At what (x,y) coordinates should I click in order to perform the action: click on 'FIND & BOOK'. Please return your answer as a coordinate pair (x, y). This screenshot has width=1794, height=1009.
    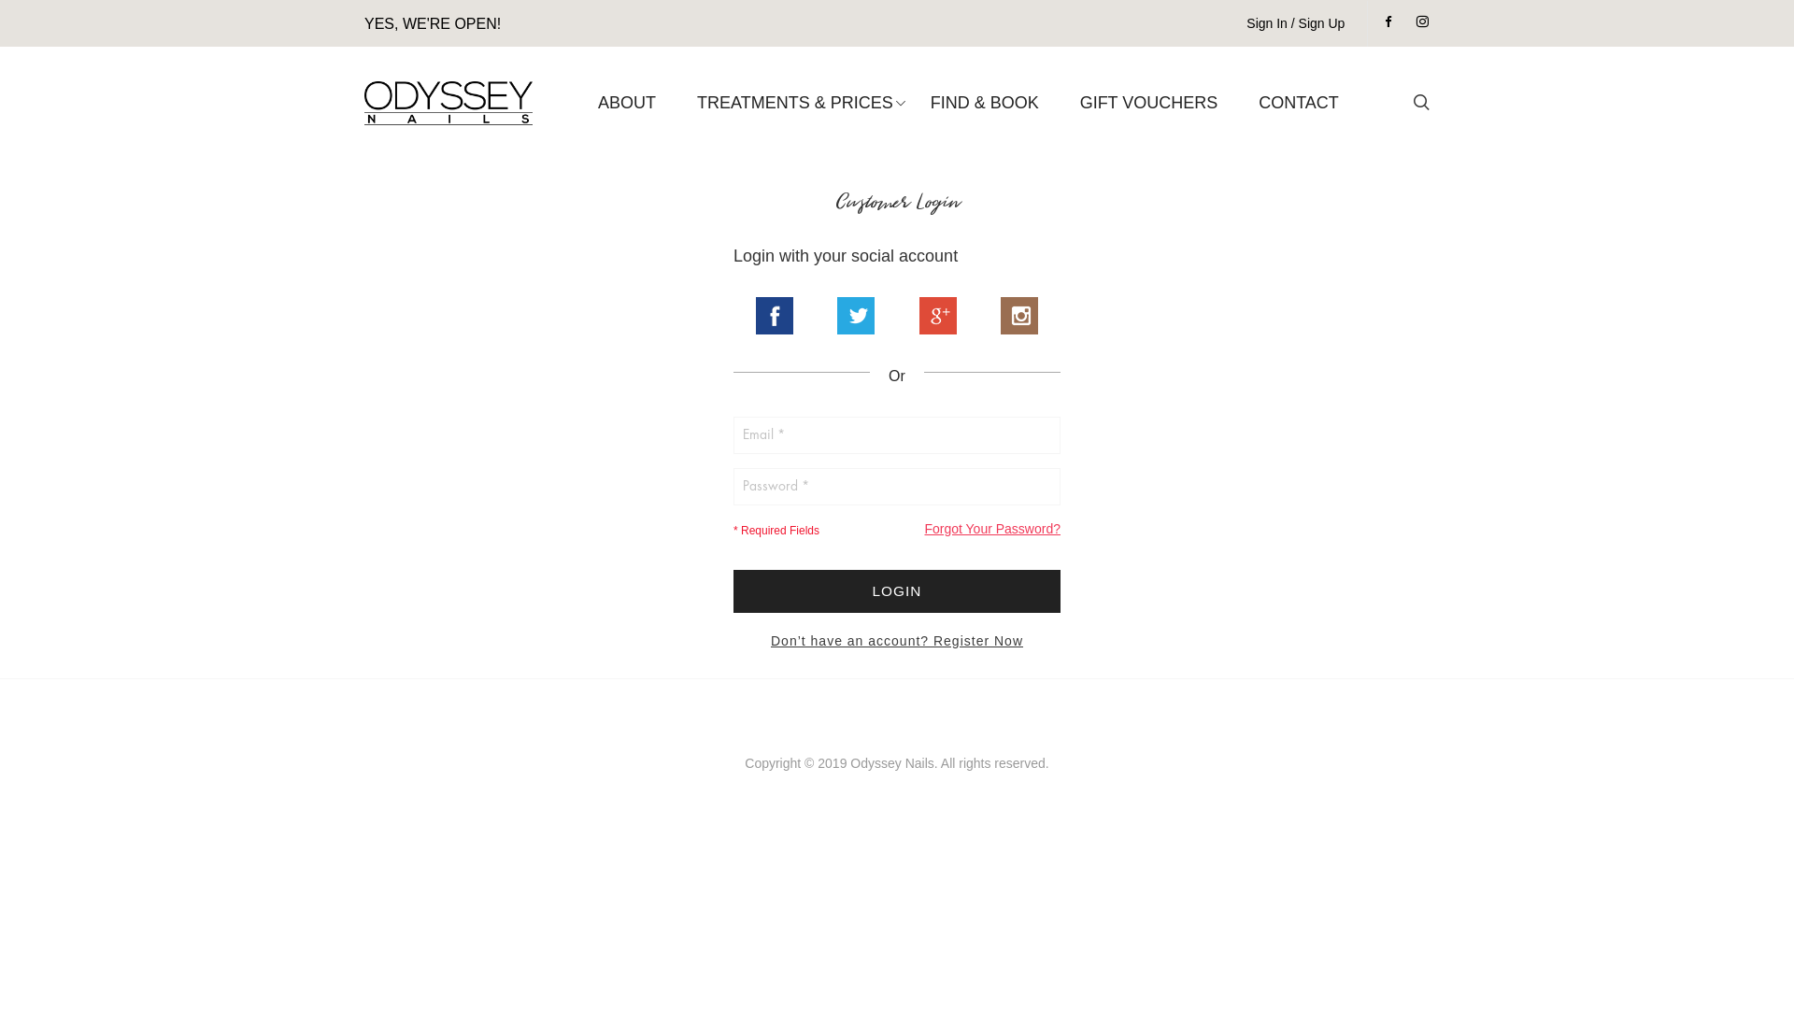
    Looking at the image, I should click on (984, 103).